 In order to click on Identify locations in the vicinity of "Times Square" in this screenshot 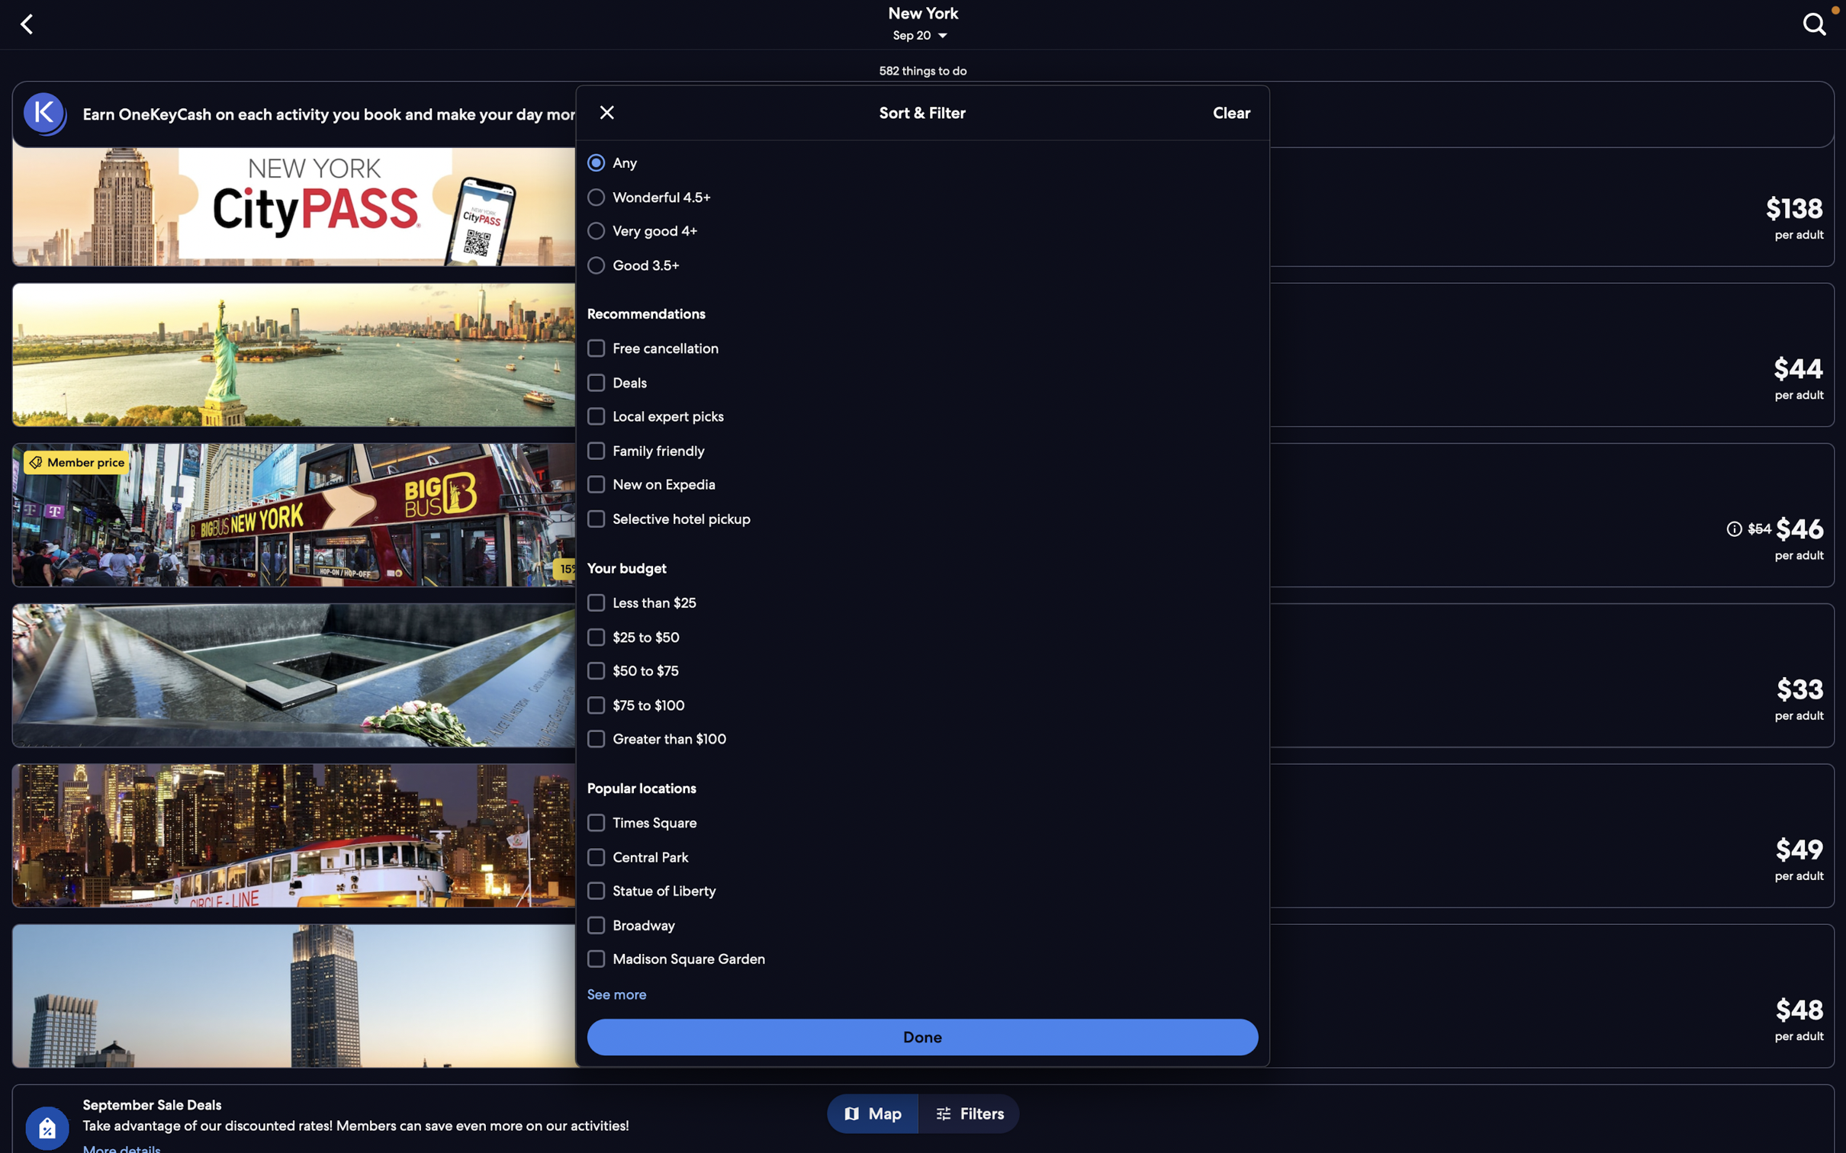, I will do `click(925, 823)`.